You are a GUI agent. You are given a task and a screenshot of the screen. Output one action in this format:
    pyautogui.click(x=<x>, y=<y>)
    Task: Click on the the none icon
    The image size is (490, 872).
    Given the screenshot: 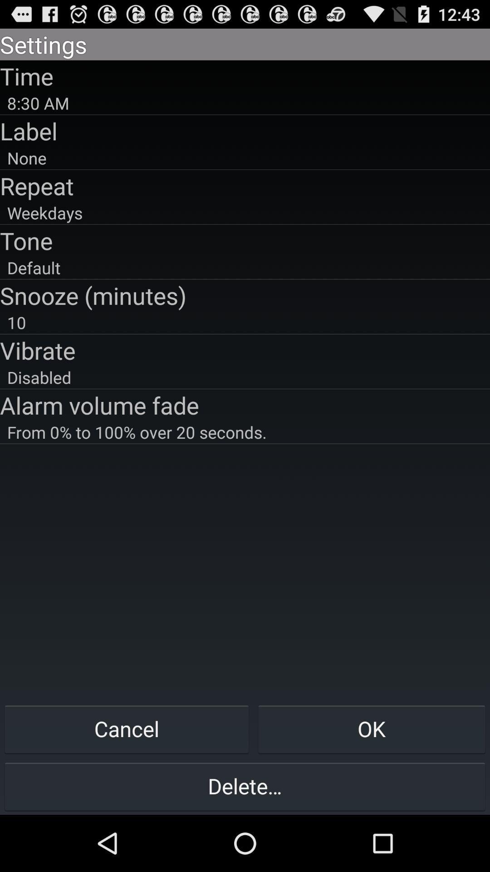 What is the action you would take?
    pyautogui.click(x=245, y=158)
    